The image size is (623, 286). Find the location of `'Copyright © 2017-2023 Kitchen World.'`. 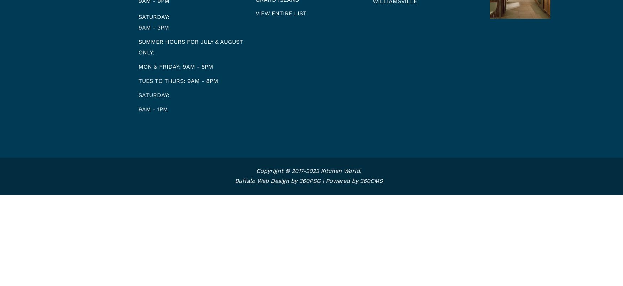

'Copyright © 2017-2023 Kitchen World.' is located at coordinates (309, 170).